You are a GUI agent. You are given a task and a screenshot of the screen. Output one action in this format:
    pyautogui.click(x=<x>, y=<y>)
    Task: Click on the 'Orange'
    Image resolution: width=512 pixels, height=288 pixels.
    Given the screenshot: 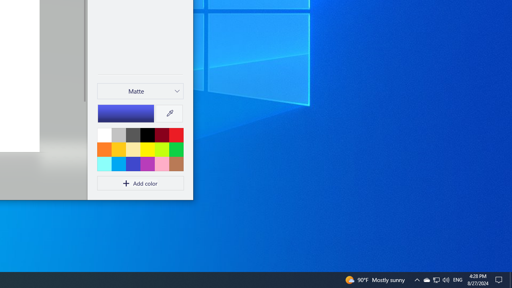 What is the action you would take?
    pyautogui.click(x=104, y=149)
    